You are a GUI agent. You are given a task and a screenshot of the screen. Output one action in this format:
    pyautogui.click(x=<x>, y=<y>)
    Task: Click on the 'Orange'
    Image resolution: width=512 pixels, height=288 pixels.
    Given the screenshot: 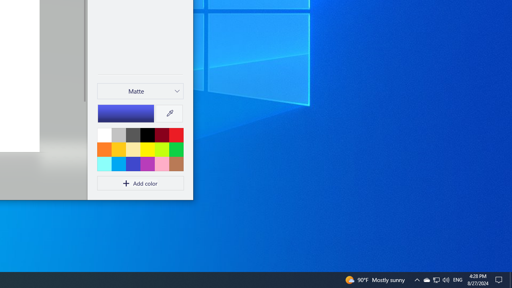 What is the action you would take?
    pyautogui.click(x=104, y=149)
    